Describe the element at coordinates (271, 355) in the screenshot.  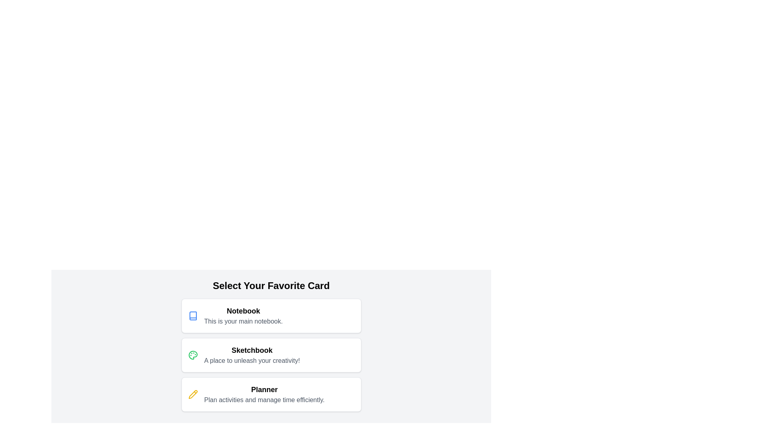
I see `the List item with the bold heading 'Sketchbook' and subtext 'A place to unleash your creativity!'` at that location.